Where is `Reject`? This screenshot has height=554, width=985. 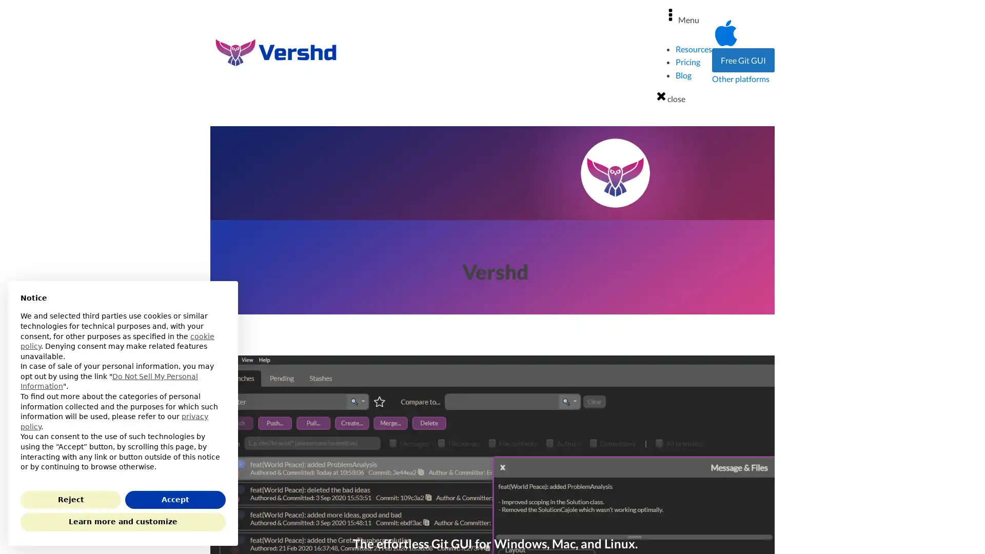 Reject is located at coordinates (70, 499).